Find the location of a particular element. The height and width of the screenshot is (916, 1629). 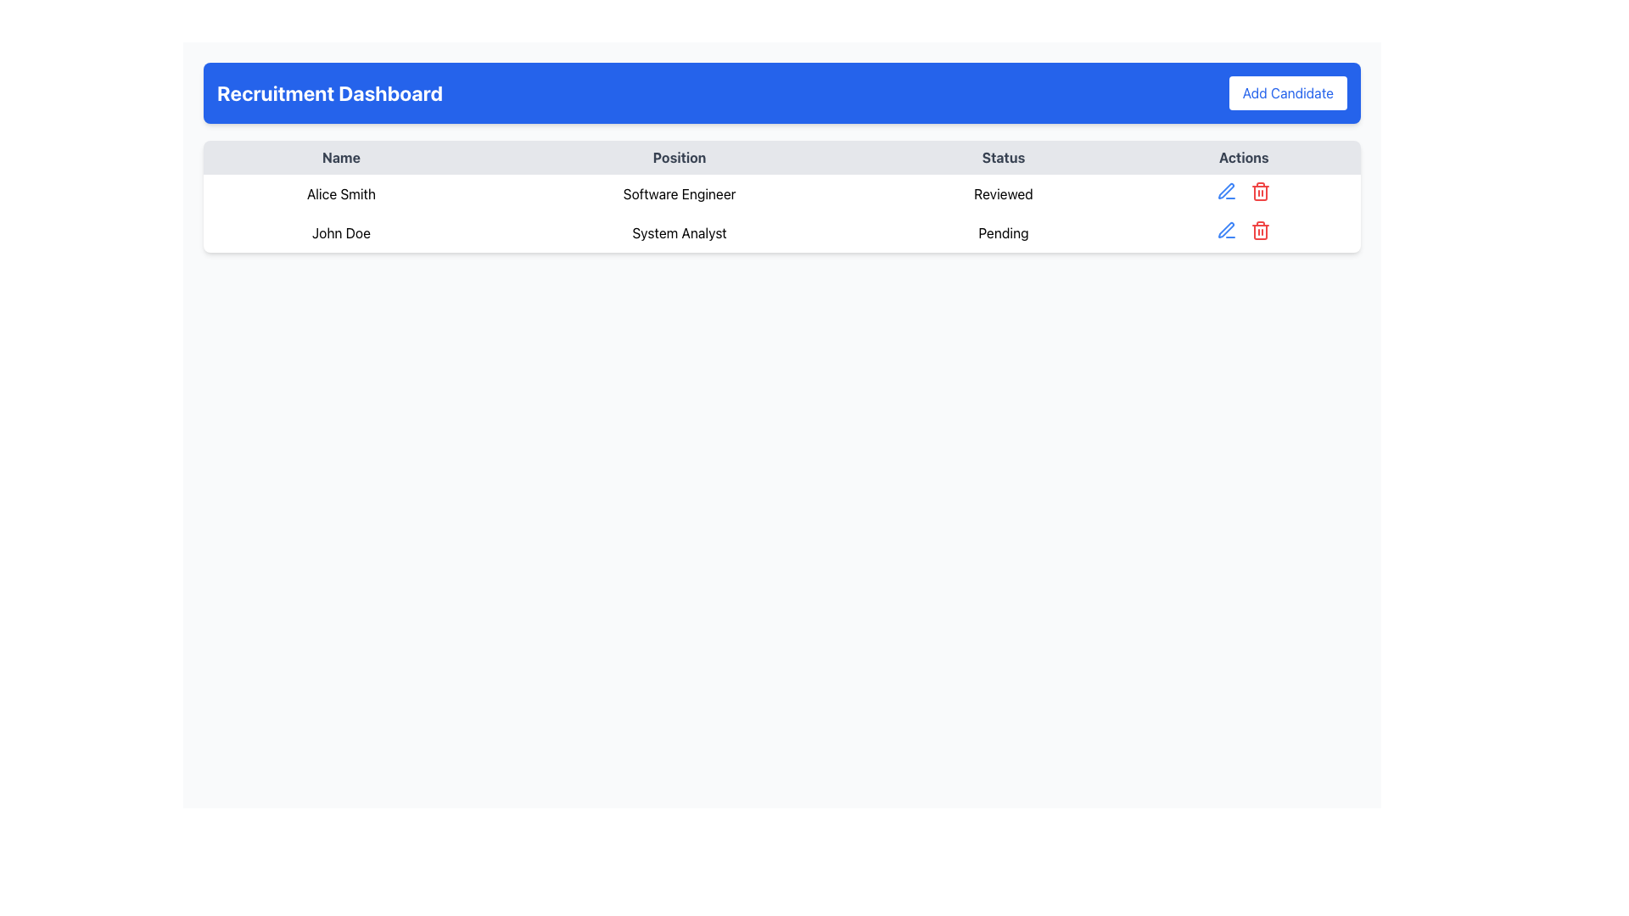

the 'Recruitment Dashboard' title text located in the blue header section of the interface, to the left of the 'Add Candidate' button is located at coordinates (329, 93).